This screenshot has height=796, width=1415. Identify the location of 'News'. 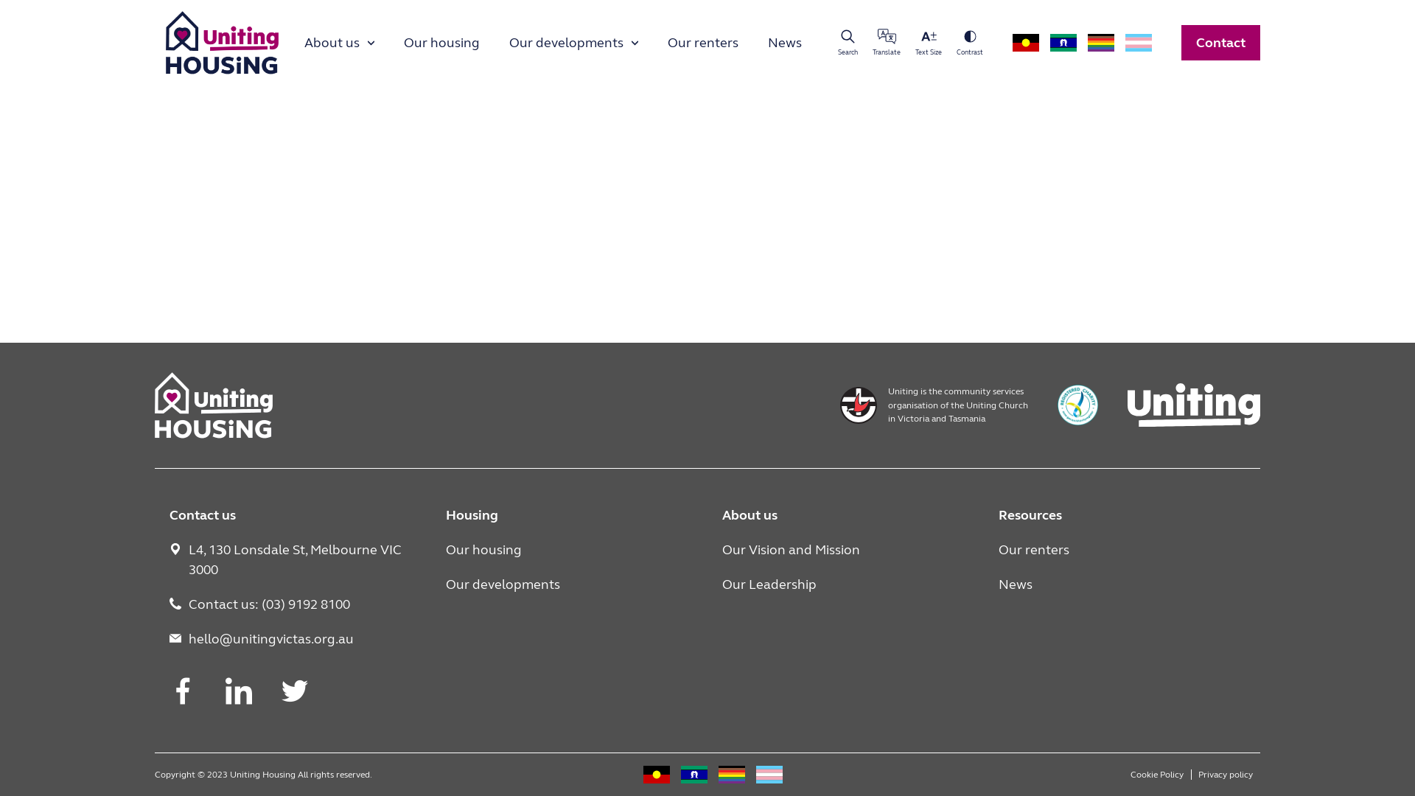
(983, 584).